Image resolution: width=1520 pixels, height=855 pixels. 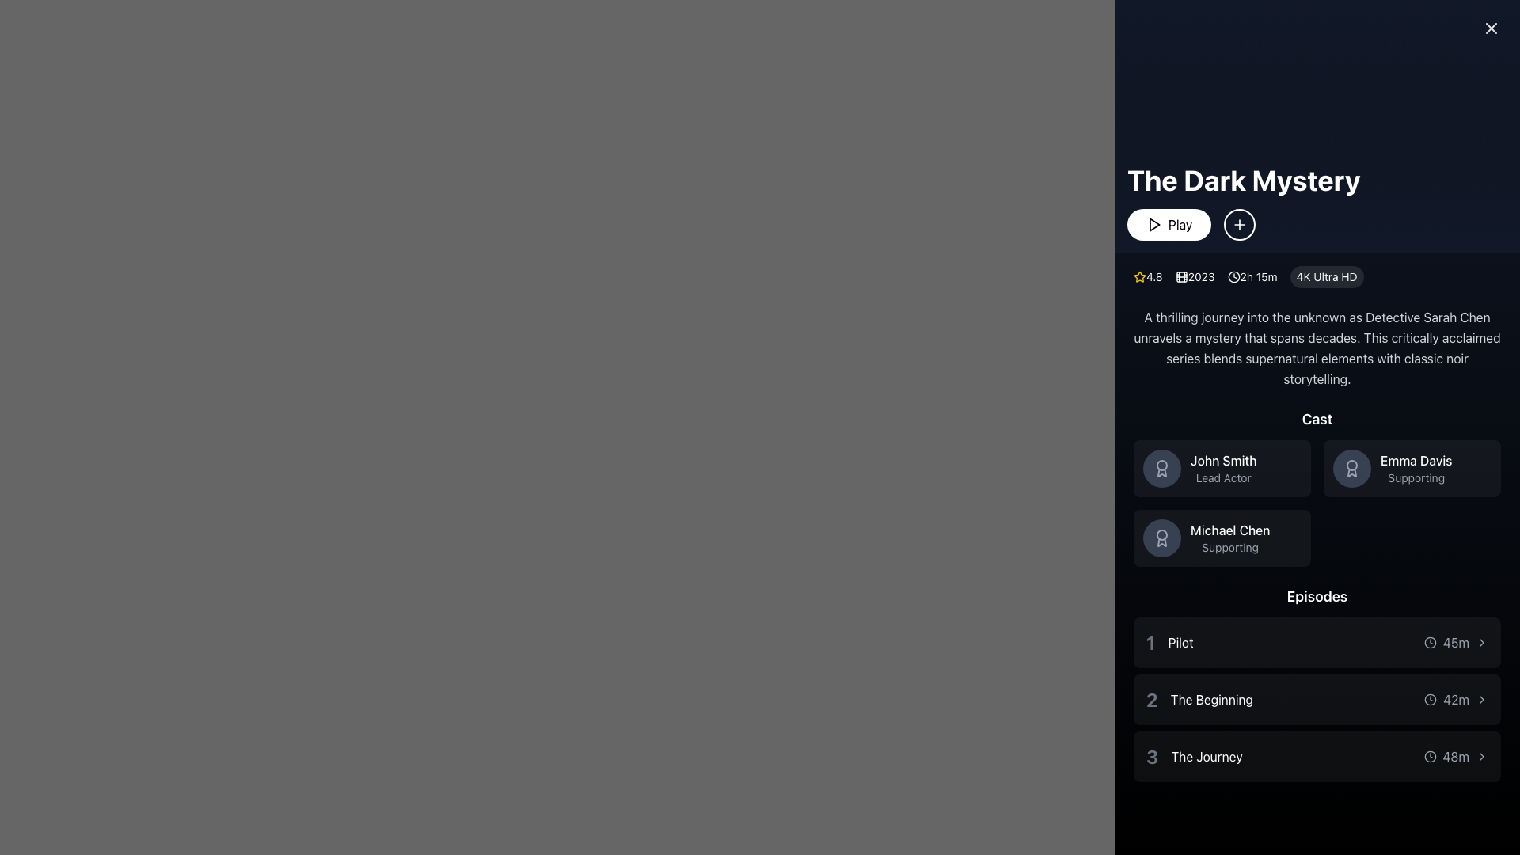 What do you see at coordinates (1317, 347) in the screenshot?
I see `introduction text located below the series metadata and above the 'Cast' section` at bounding box center [1317, 347].